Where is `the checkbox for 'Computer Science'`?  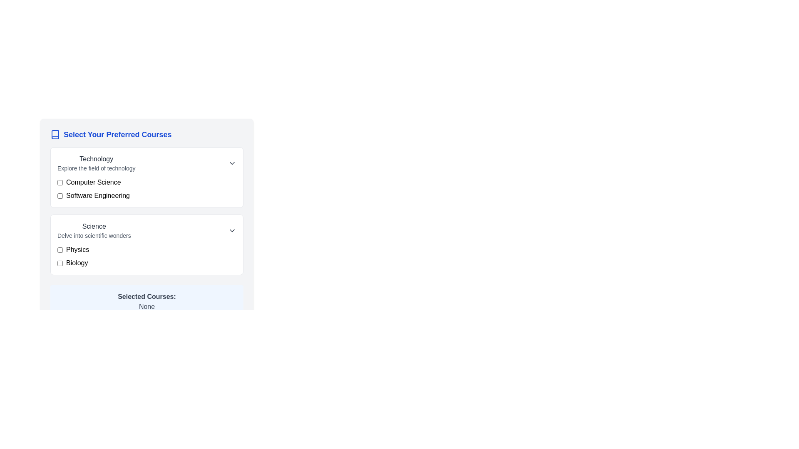
the checkbox for 'Computer Science' is located at coordinates (147, 182).